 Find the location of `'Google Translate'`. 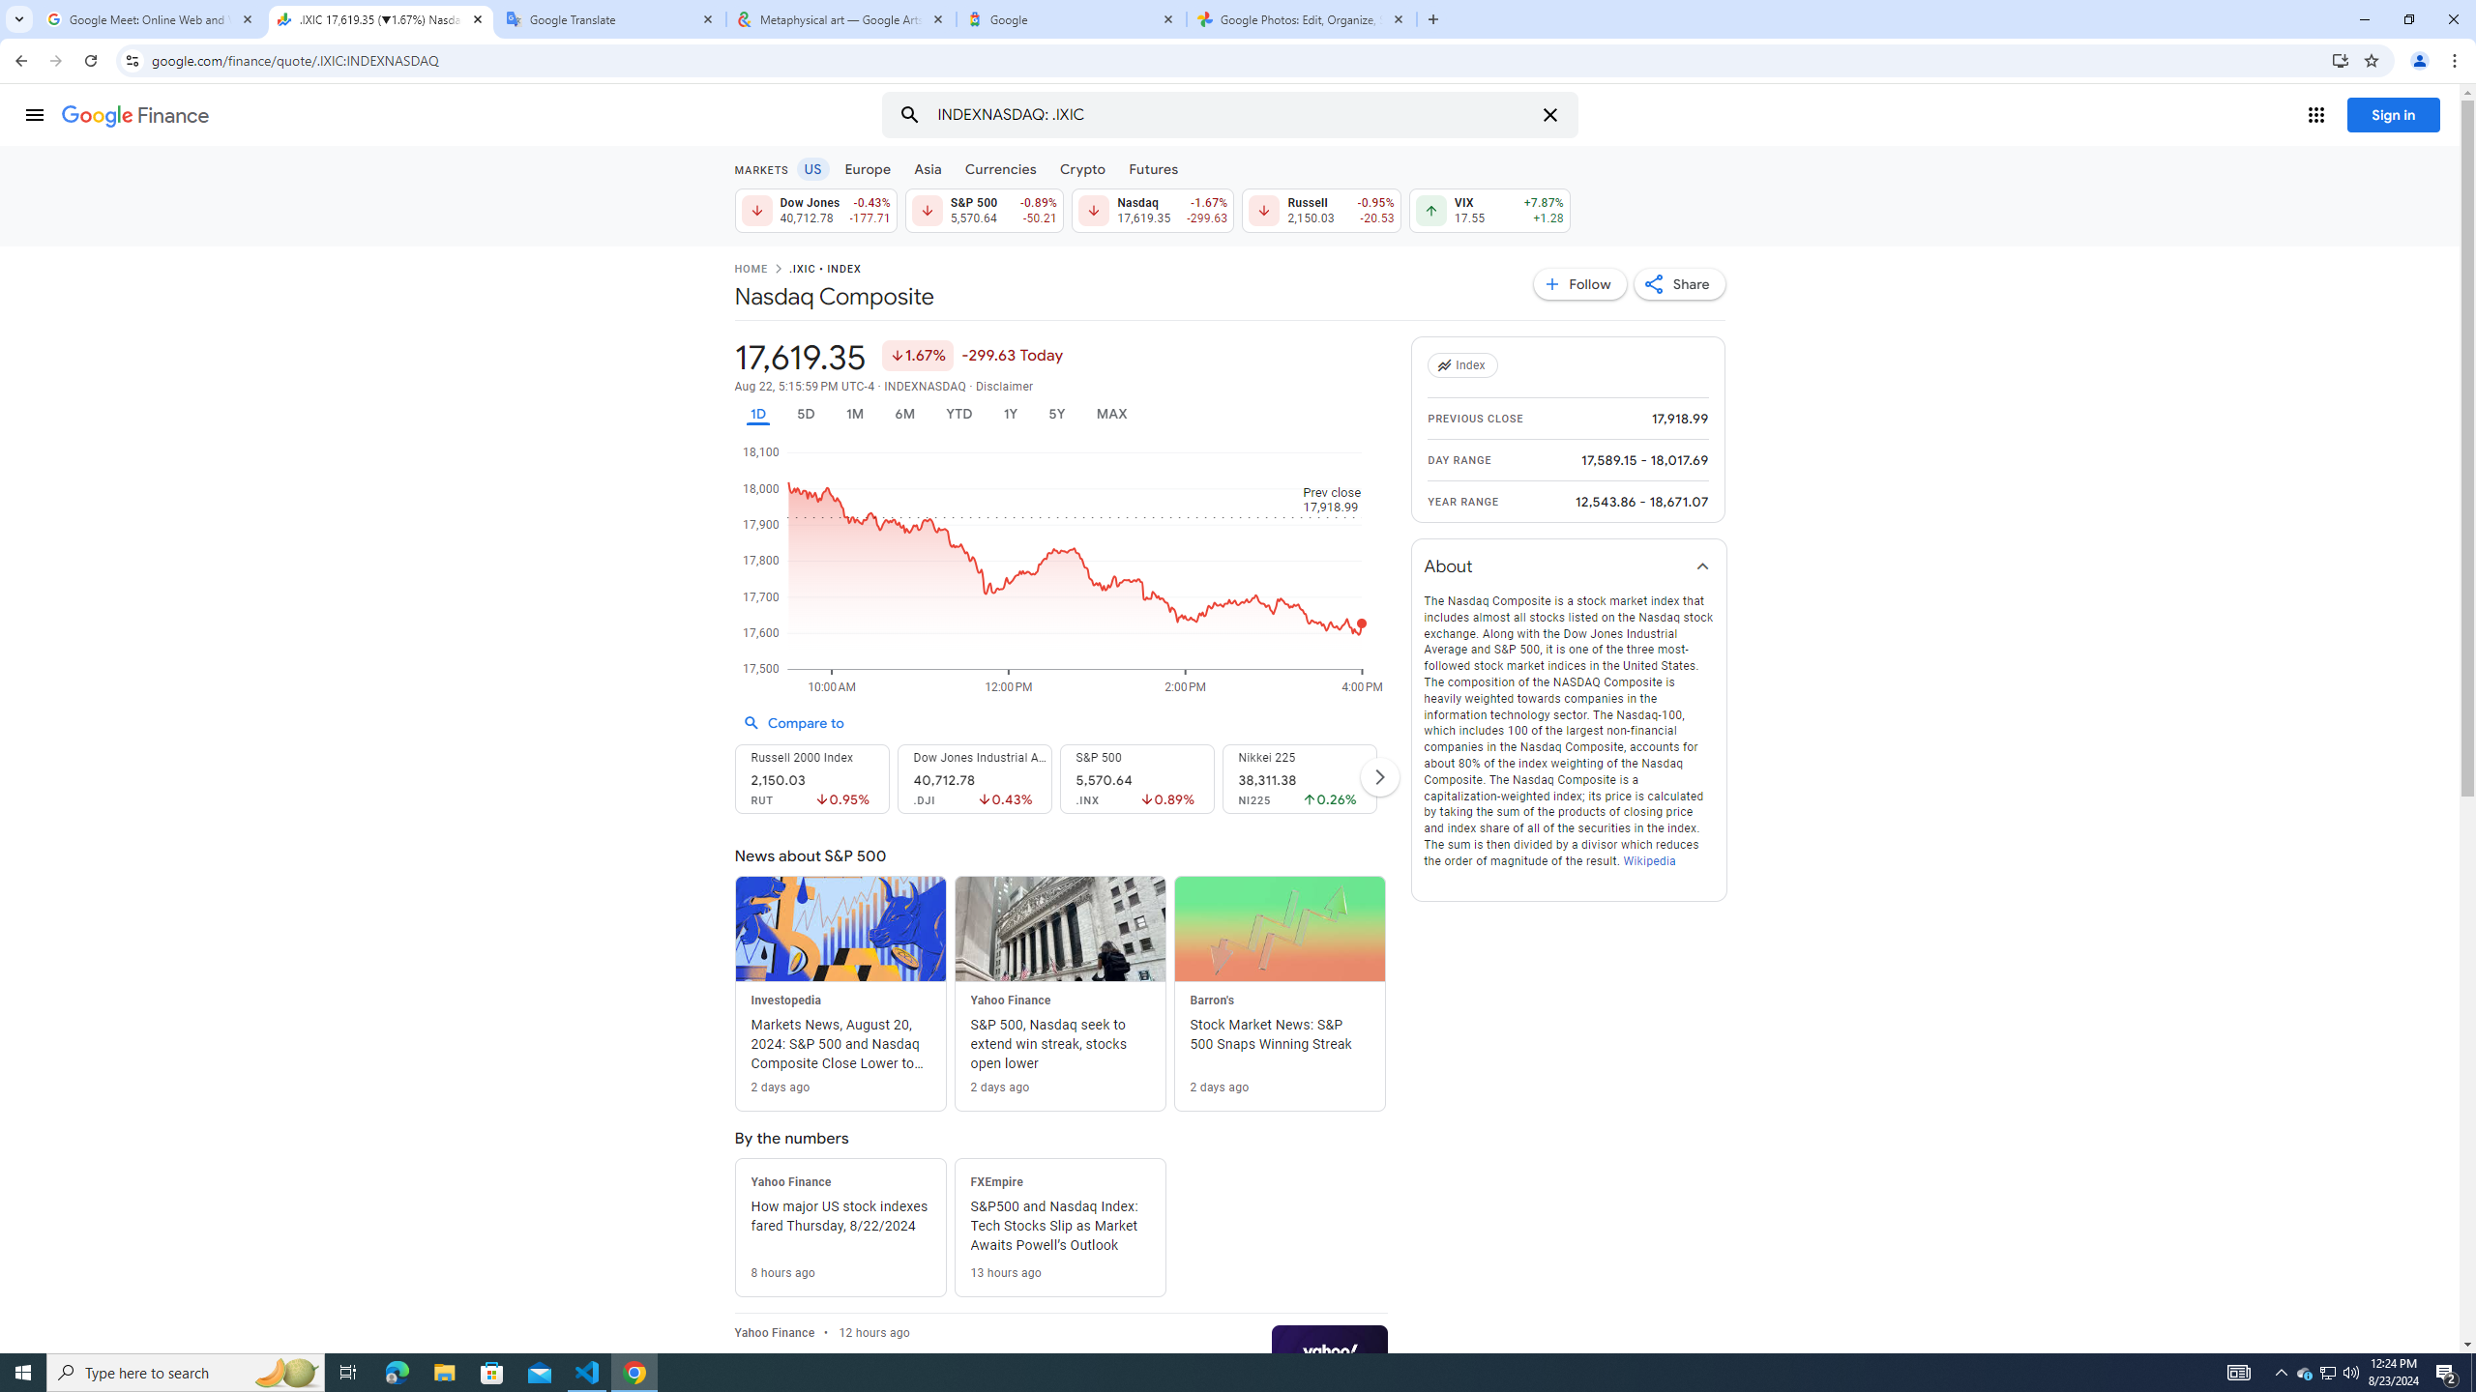

'Google Translate' is located at coordinates (610, 18).